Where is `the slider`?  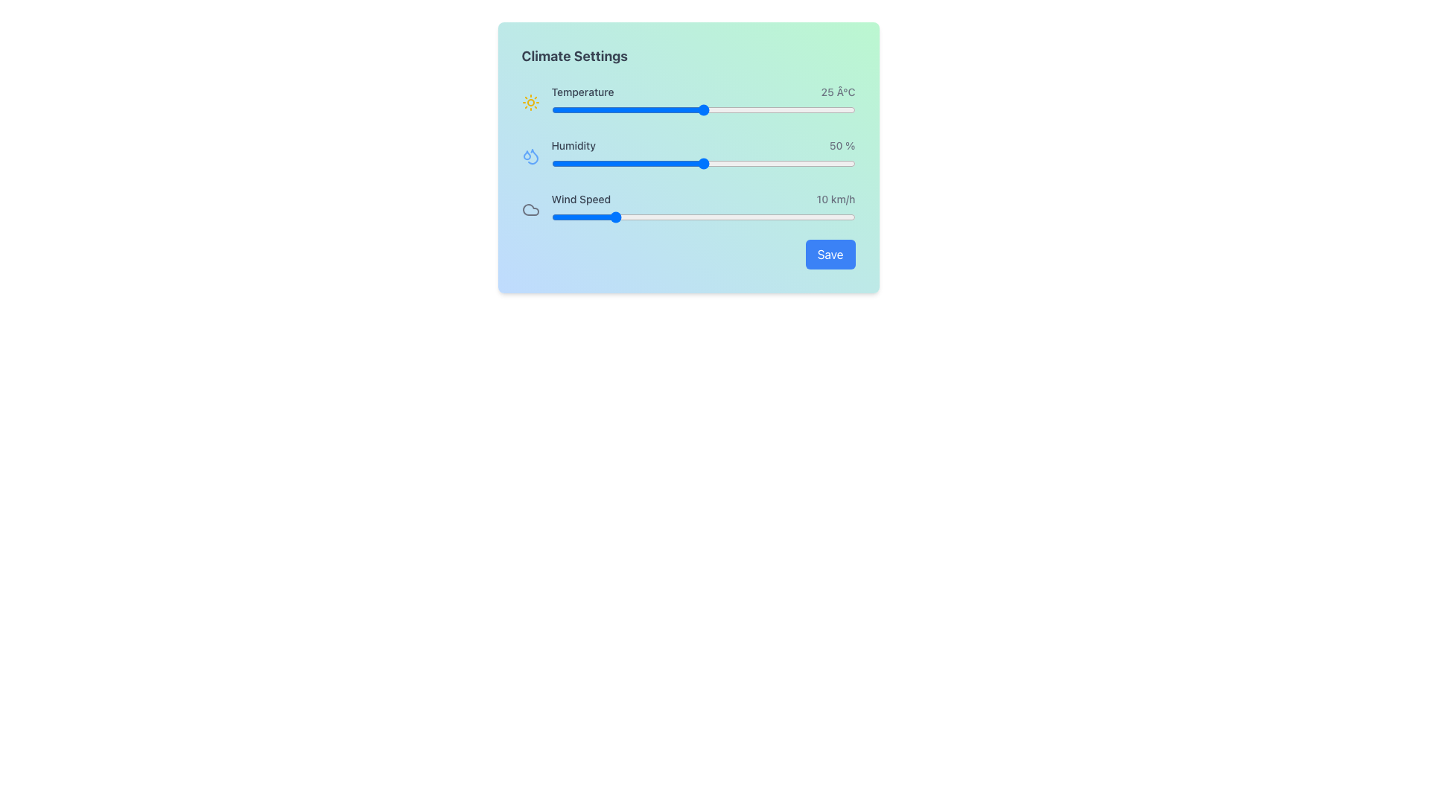 the slider is located at coordinates (740, 109).